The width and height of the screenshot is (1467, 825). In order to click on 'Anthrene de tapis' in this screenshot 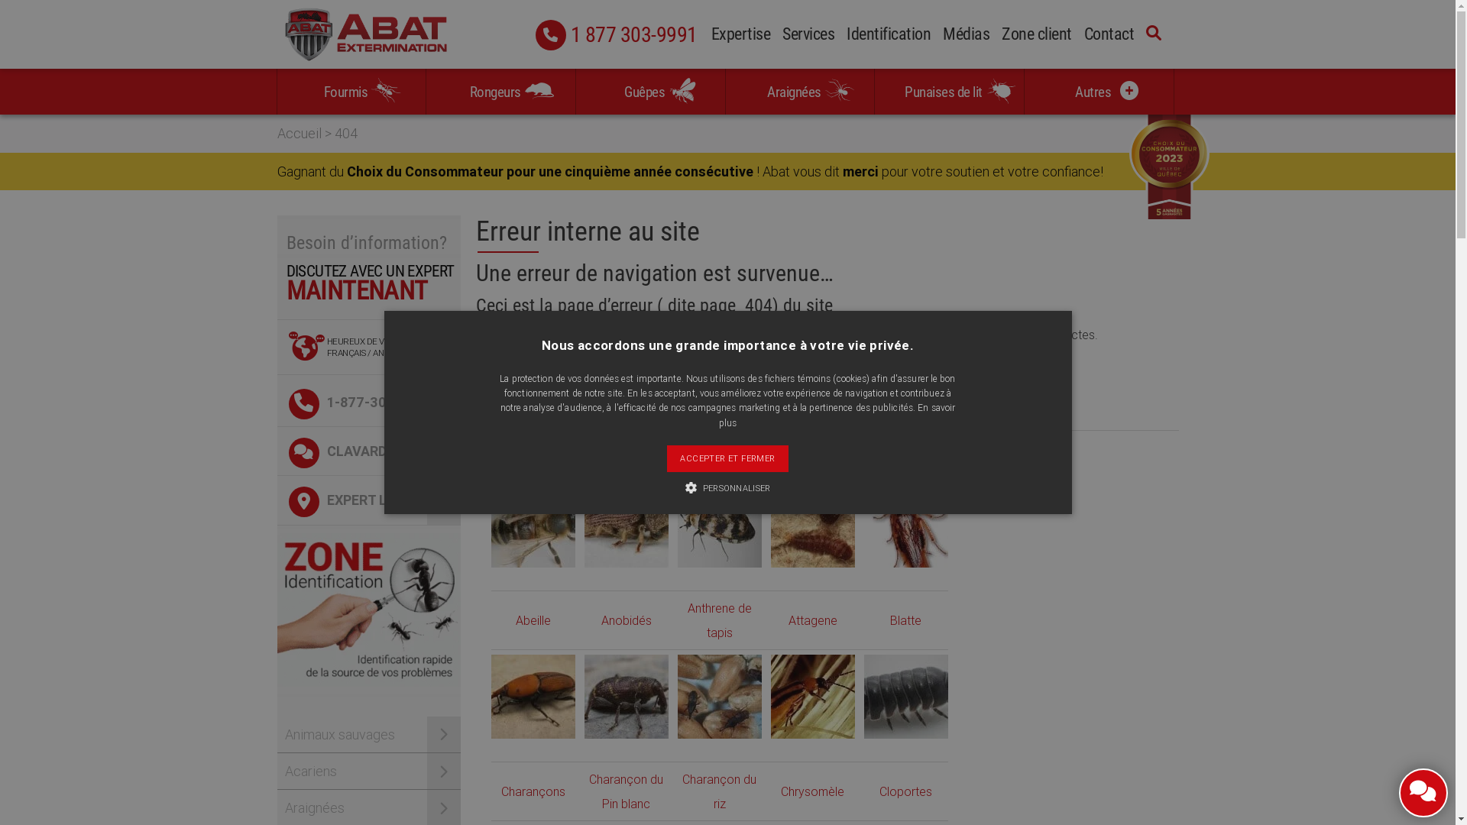, I will do `click(687, 620)`.